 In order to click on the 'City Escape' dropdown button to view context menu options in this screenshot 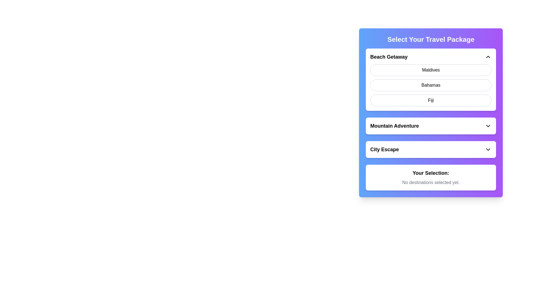, I will do `click(431, 149)`.